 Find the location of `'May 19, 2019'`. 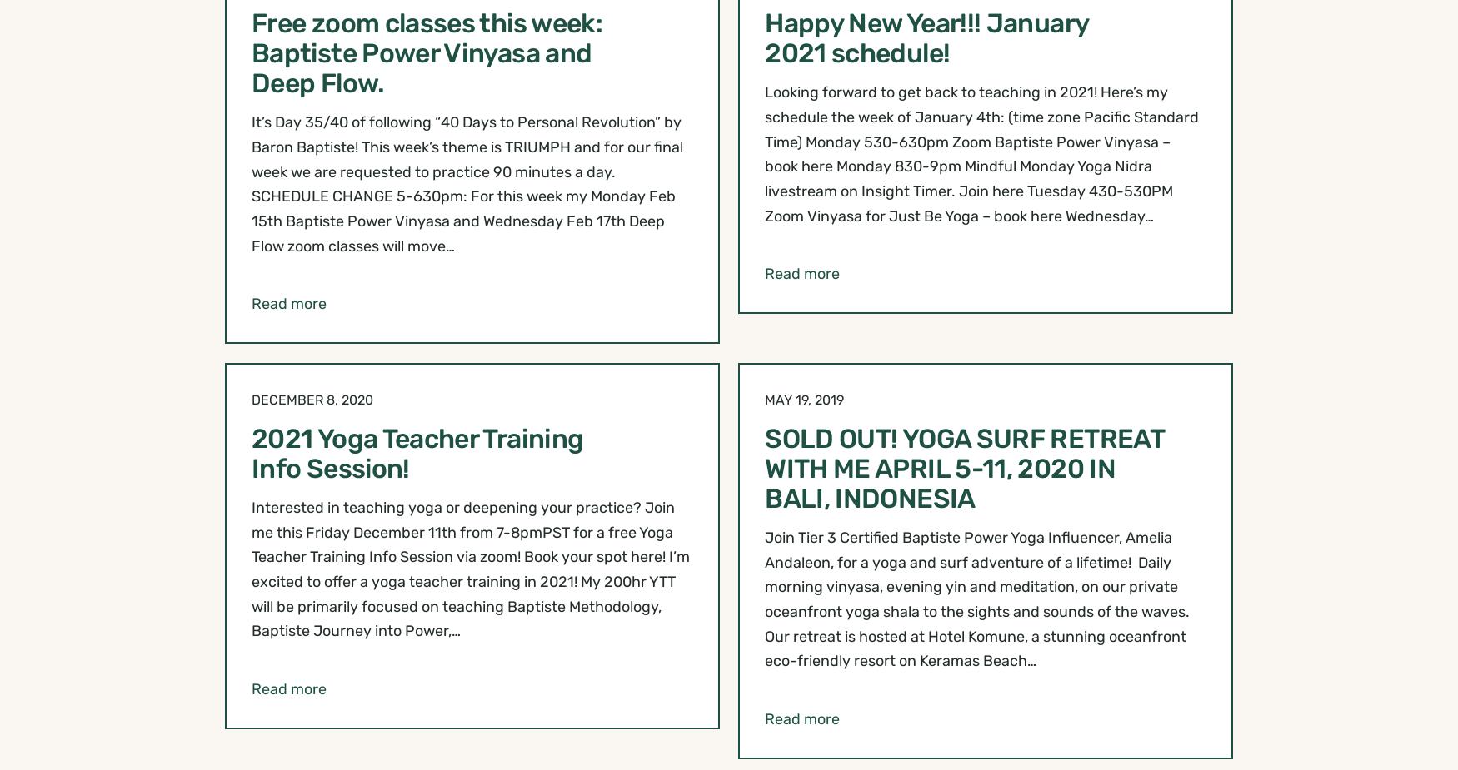

'May 19, 2019' is located at coordinates (804, 399).